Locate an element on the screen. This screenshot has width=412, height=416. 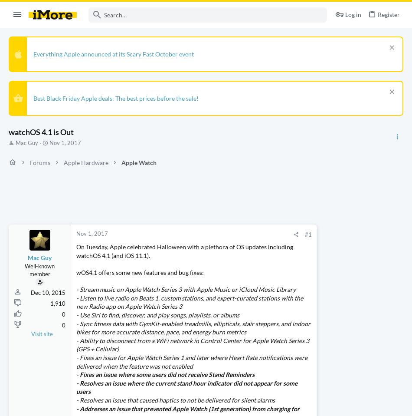
'- Fixes an issue where some users did not receive Stand Reminders' is located at coordinates (165, 391).